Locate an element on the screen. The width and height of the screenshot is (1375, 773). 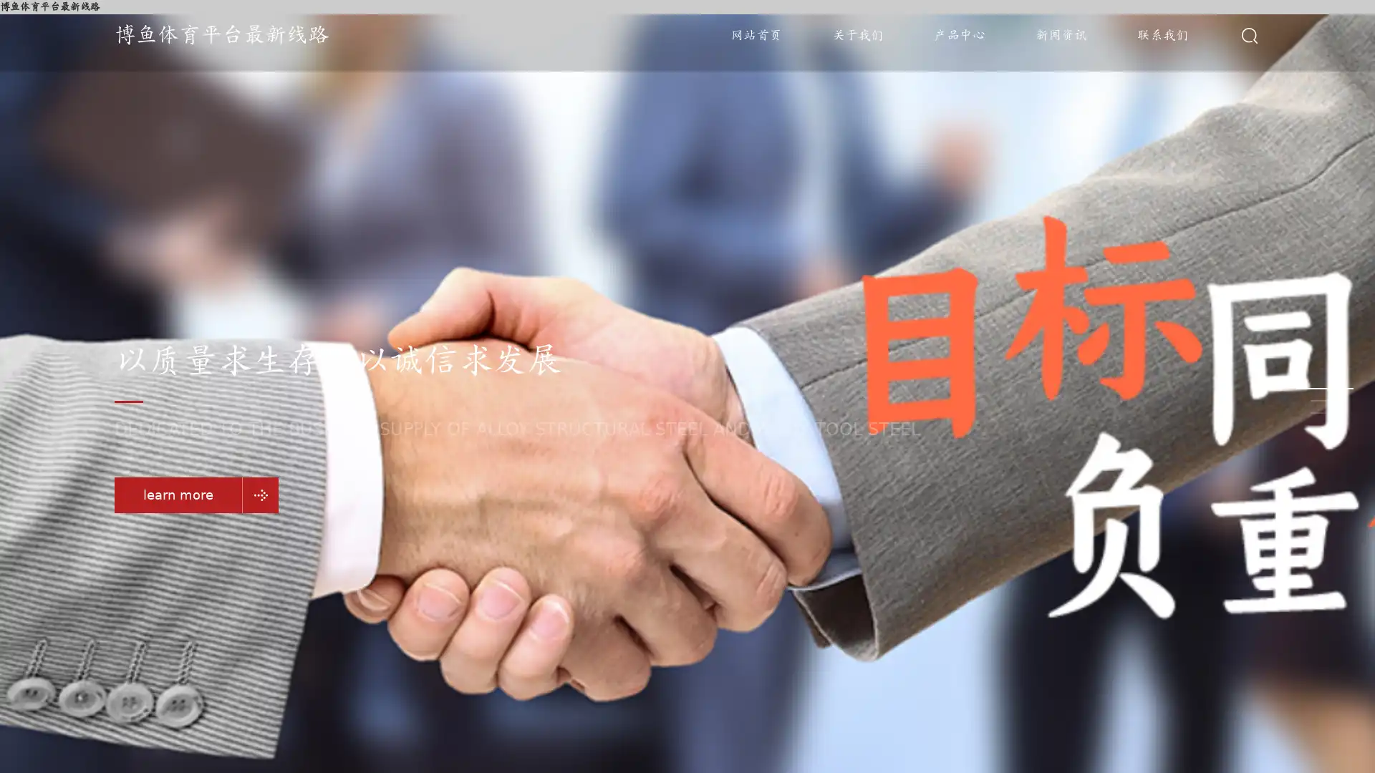
Go to slide 2 is located at coordinates (1323, 400).